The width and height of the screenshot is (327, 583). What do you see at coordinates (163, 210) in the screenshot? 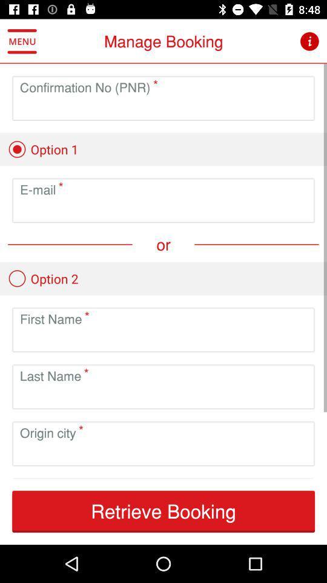
I see `put email address` at bounding box center [163, 210].